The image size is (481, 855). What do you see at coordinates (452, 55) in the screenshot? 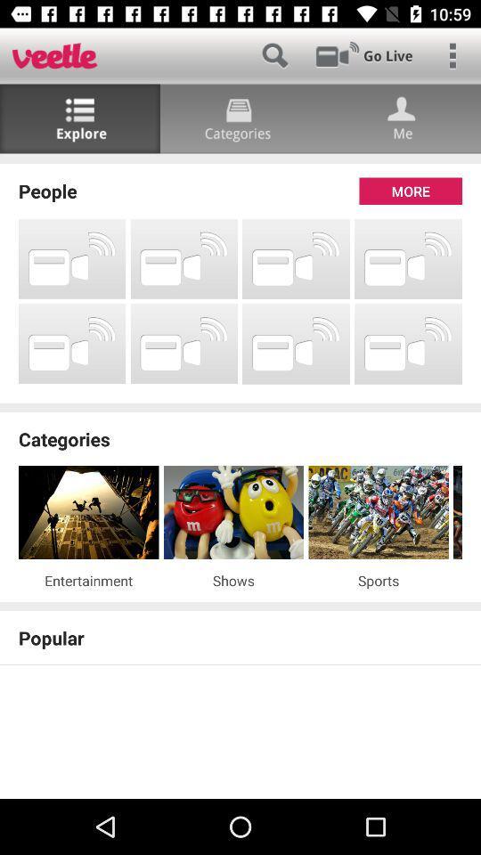
I see `main menu` at bounding box center [452, 55].